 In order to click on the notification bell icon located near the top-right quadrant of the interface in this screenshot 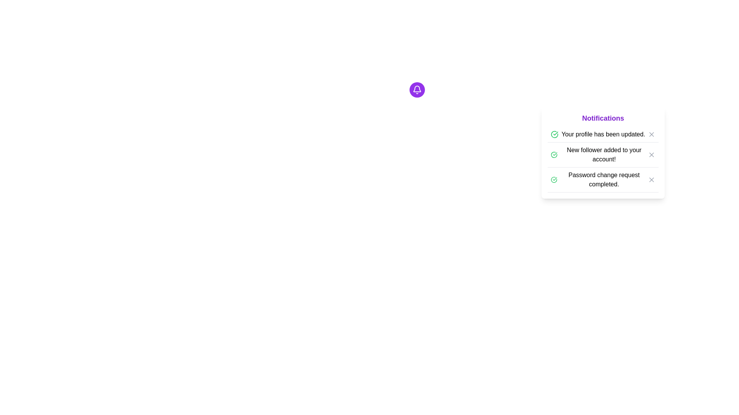, I will do `click(416, 90)`.